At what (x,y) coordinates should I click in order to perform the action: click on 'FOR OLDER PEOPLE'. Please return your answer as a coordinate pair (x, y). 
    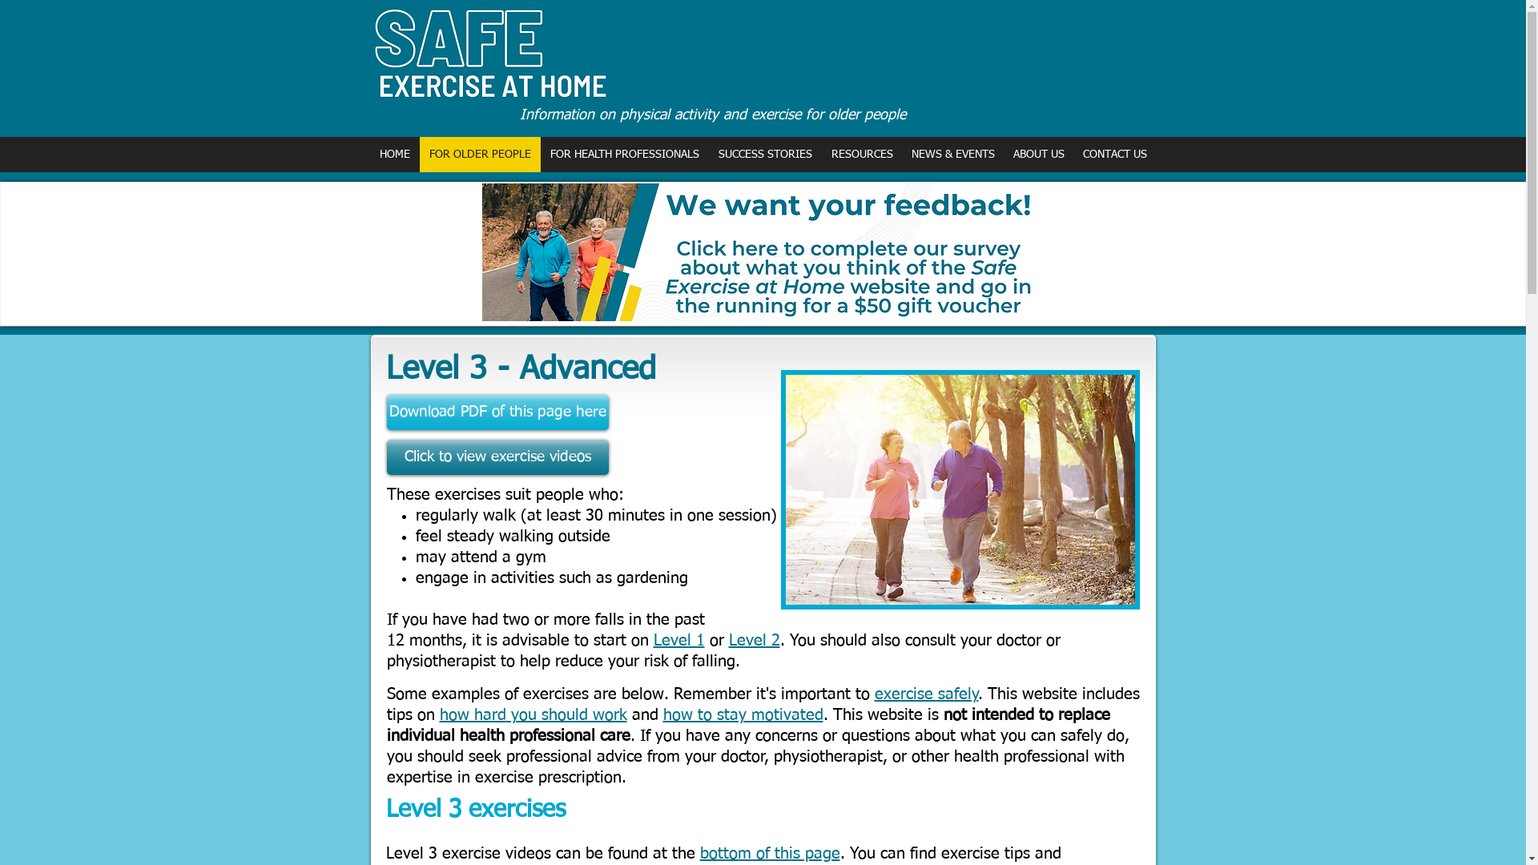
    Looking at the image, I should click on (479, 154).